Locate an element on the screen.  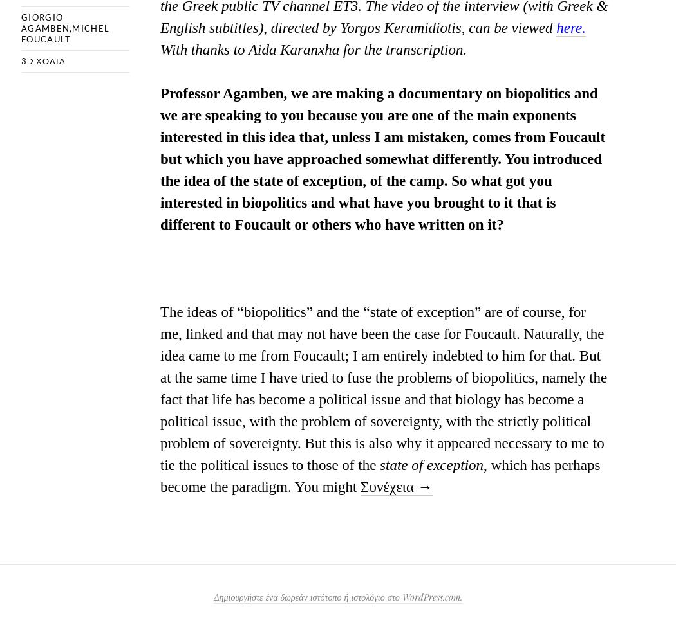
'The ideas of “biopolitics” and the “state of exception” are of course, for me, linked and that may not have been the case for Foucault. Naturally, the idea came to me from Foucault; I am entirely indebted to him for that. But at the same time I have tried to fuse the problems of biopolitics, namely the fact that life has become a political issue and that biology has become a political issue, with the problem of sovereignty, with the strictly political problem of sovereignty. But this is also why it appeared necessary to me to tie the political issues to those of the' is located at coordinates (382, 387).